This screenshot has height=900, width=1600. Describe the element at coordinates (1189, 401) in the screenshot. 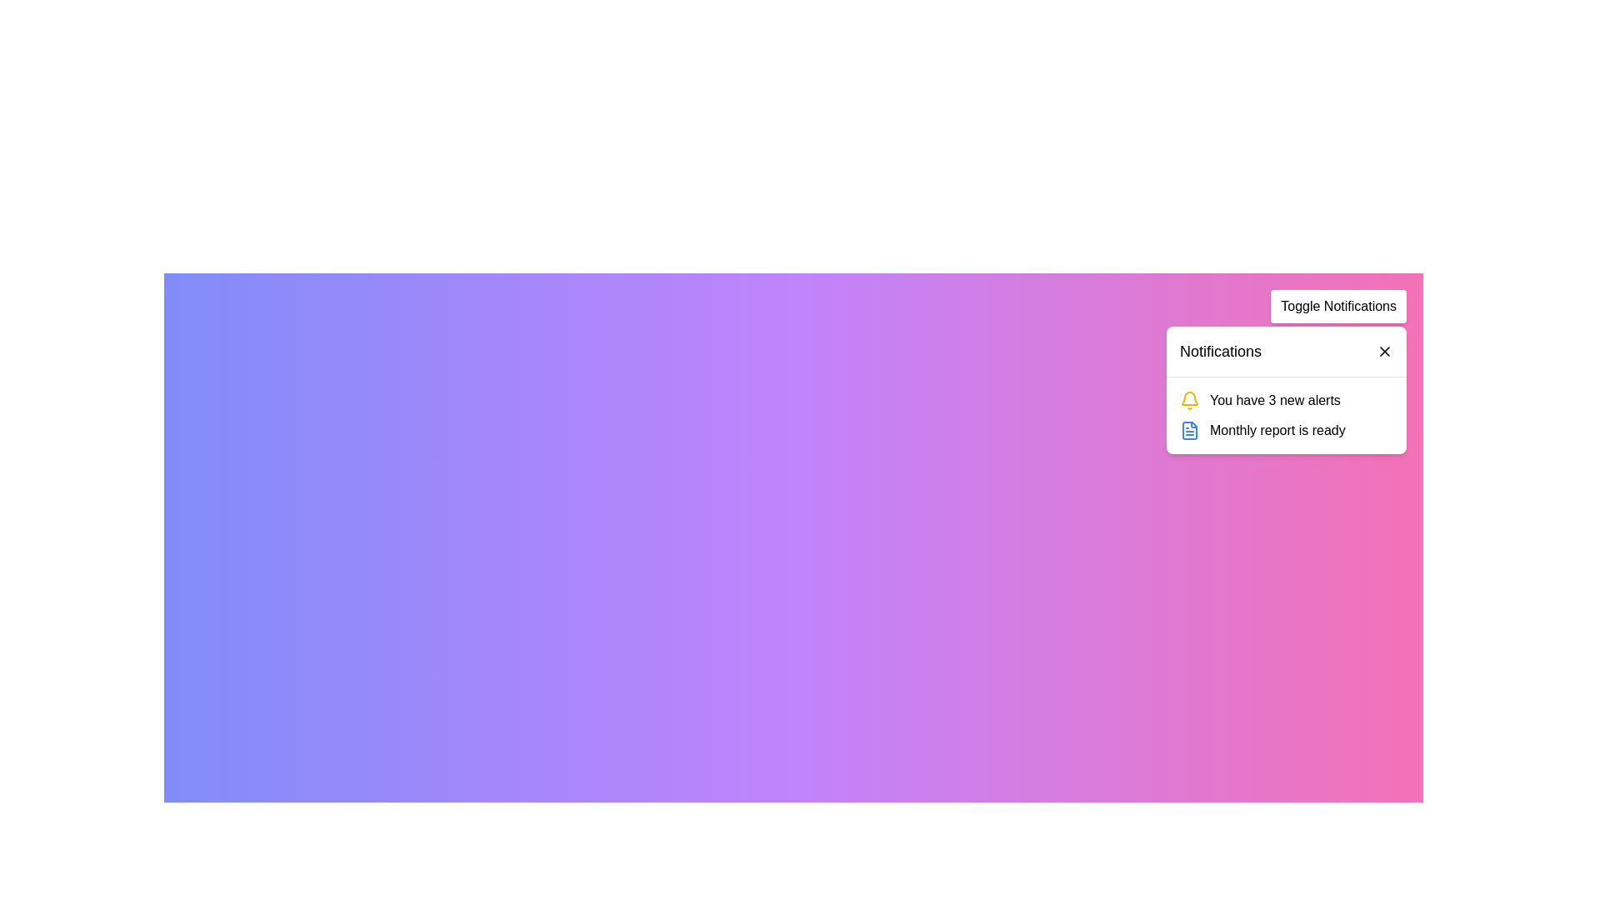

I see `the Bell icon at the leftmost part of the notification section` at that location.